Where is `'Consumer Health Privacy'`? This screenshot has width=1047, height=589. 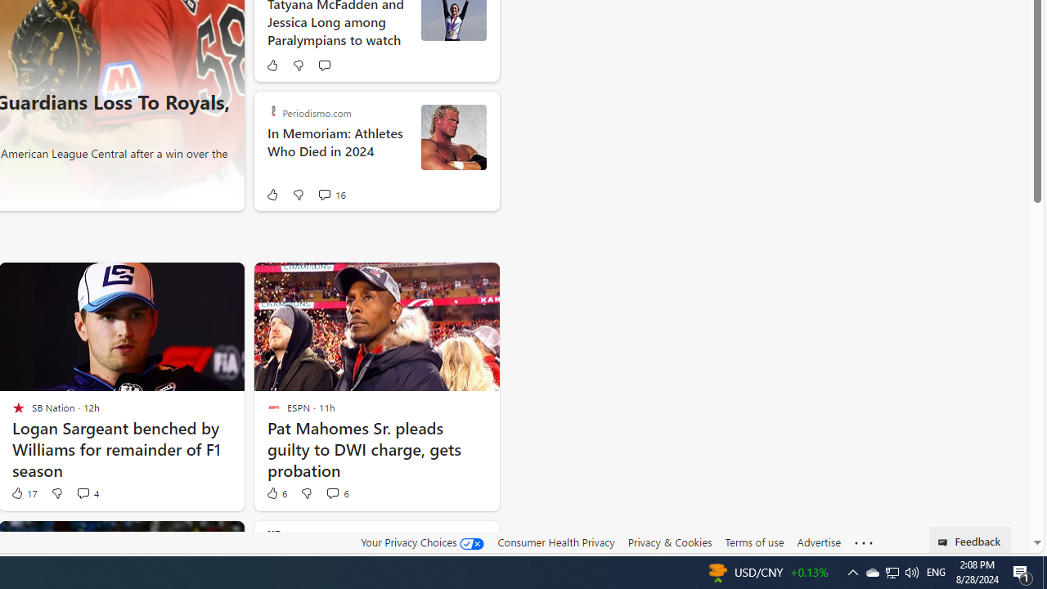
'Consumer Health Privacy' is located at coordinates (556, 542).